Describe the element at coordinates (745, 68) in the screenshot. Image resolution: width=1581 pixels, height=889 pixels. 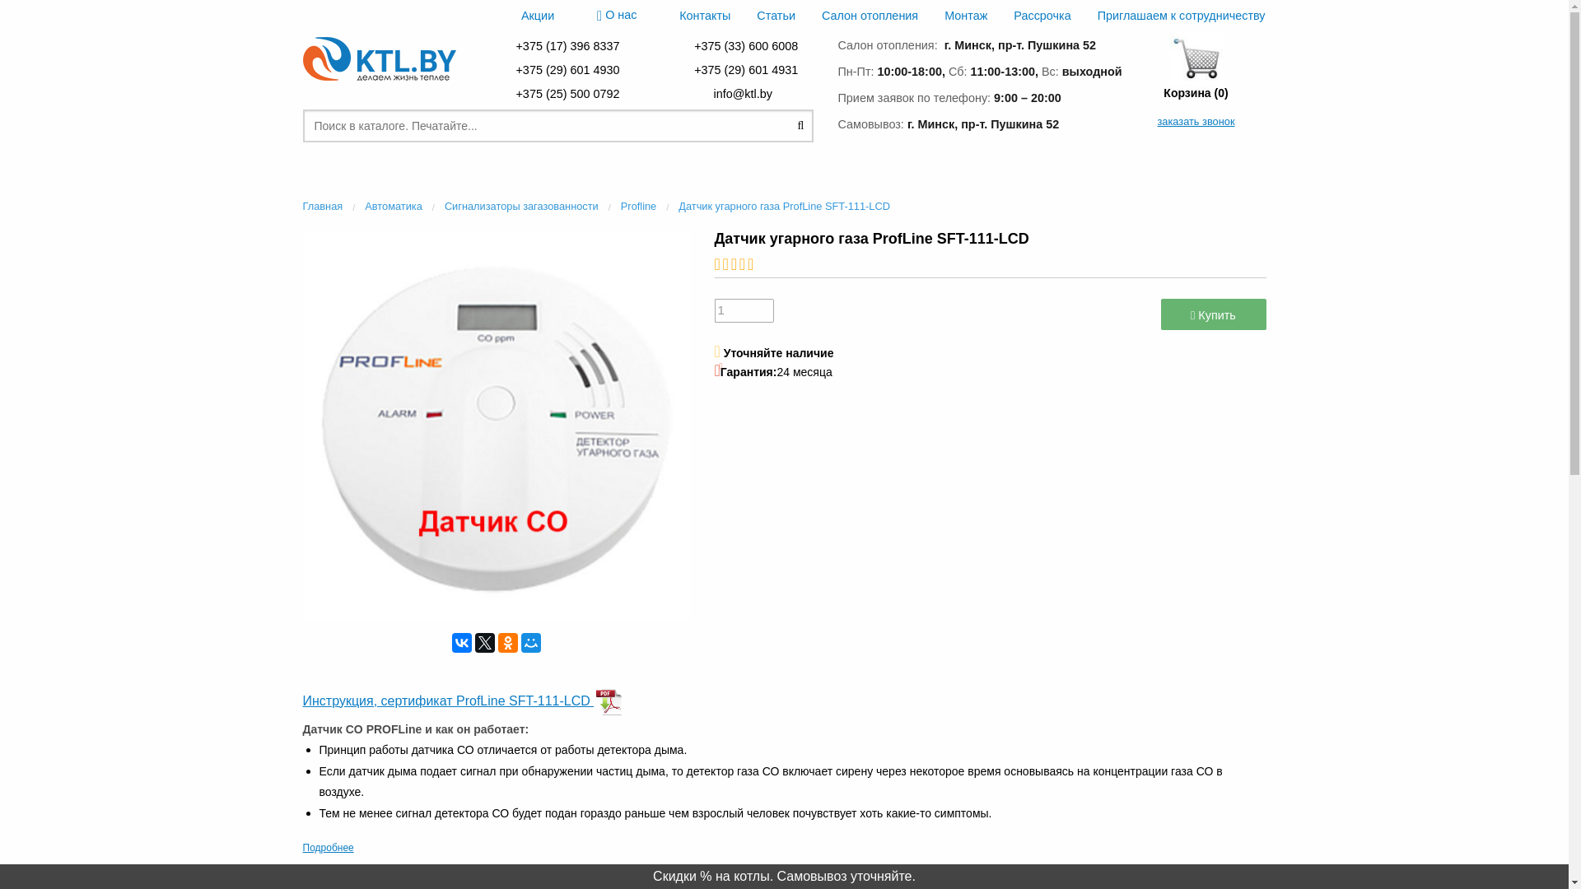
I see `'+375 (29) 601 4931'` at that location.